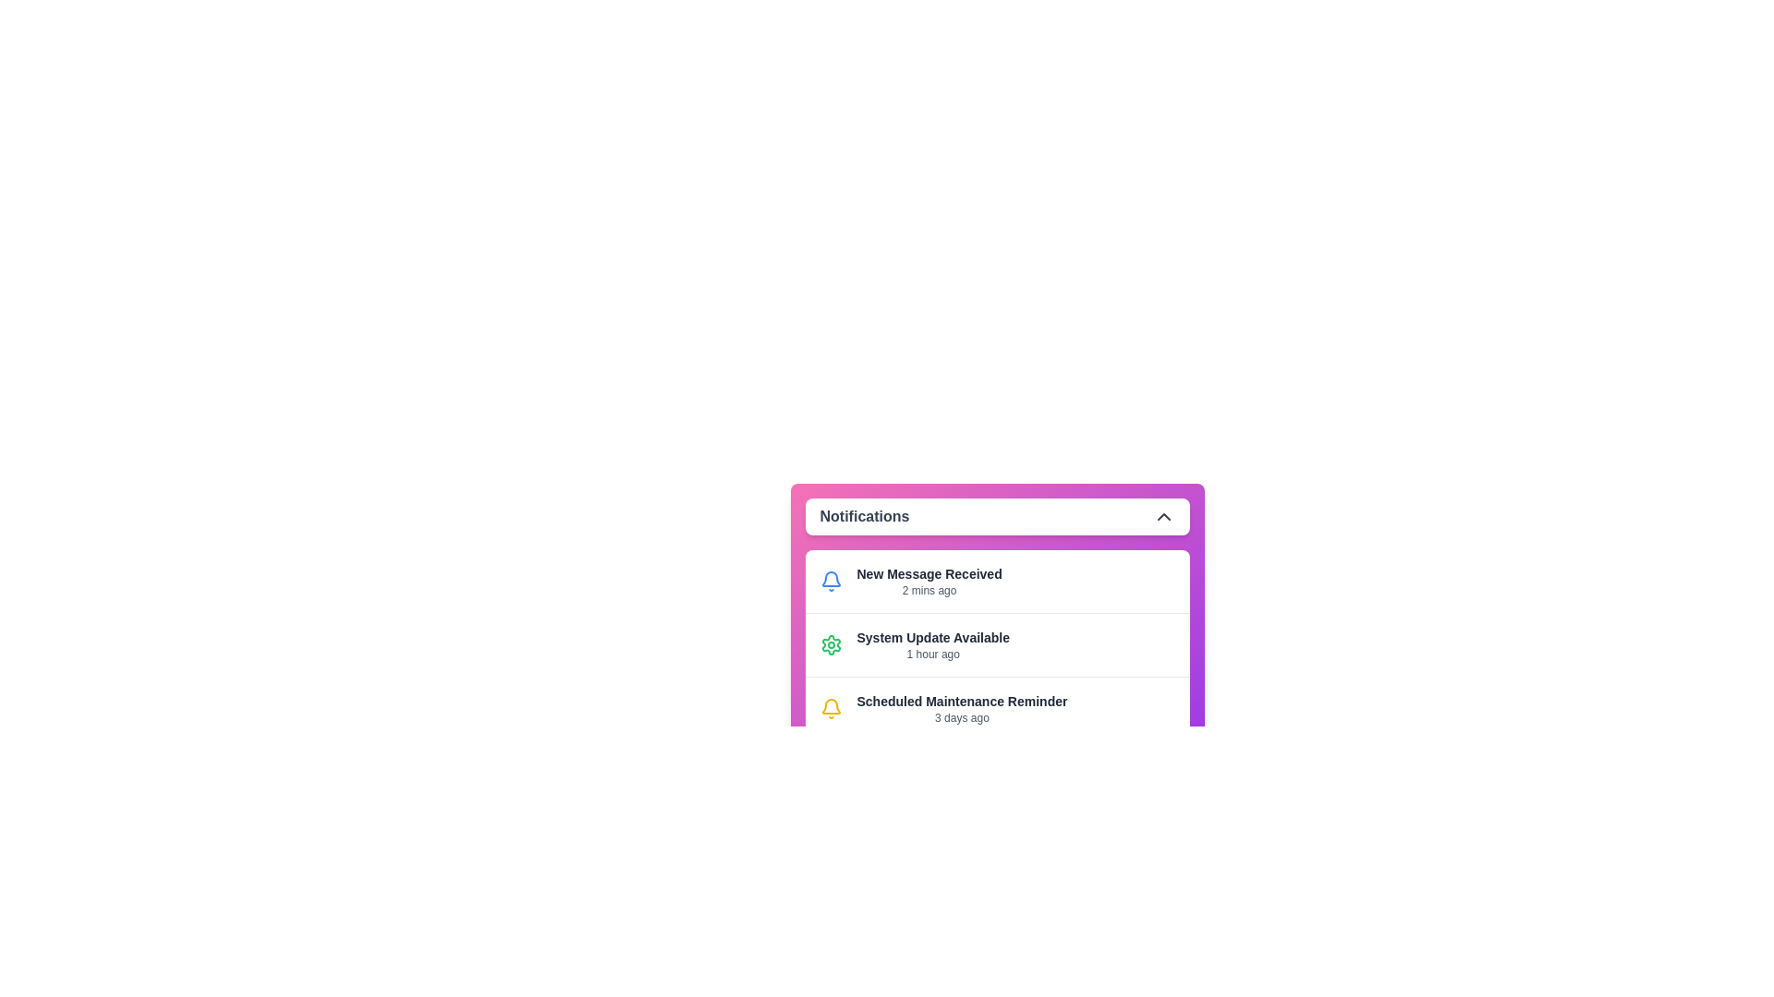  I want to click on the Decorative SVG shape within the notification bell icon, which is centrally aligned within the bell's body, located at the bottom-left part of the notification dropdown, so click(830, 578).